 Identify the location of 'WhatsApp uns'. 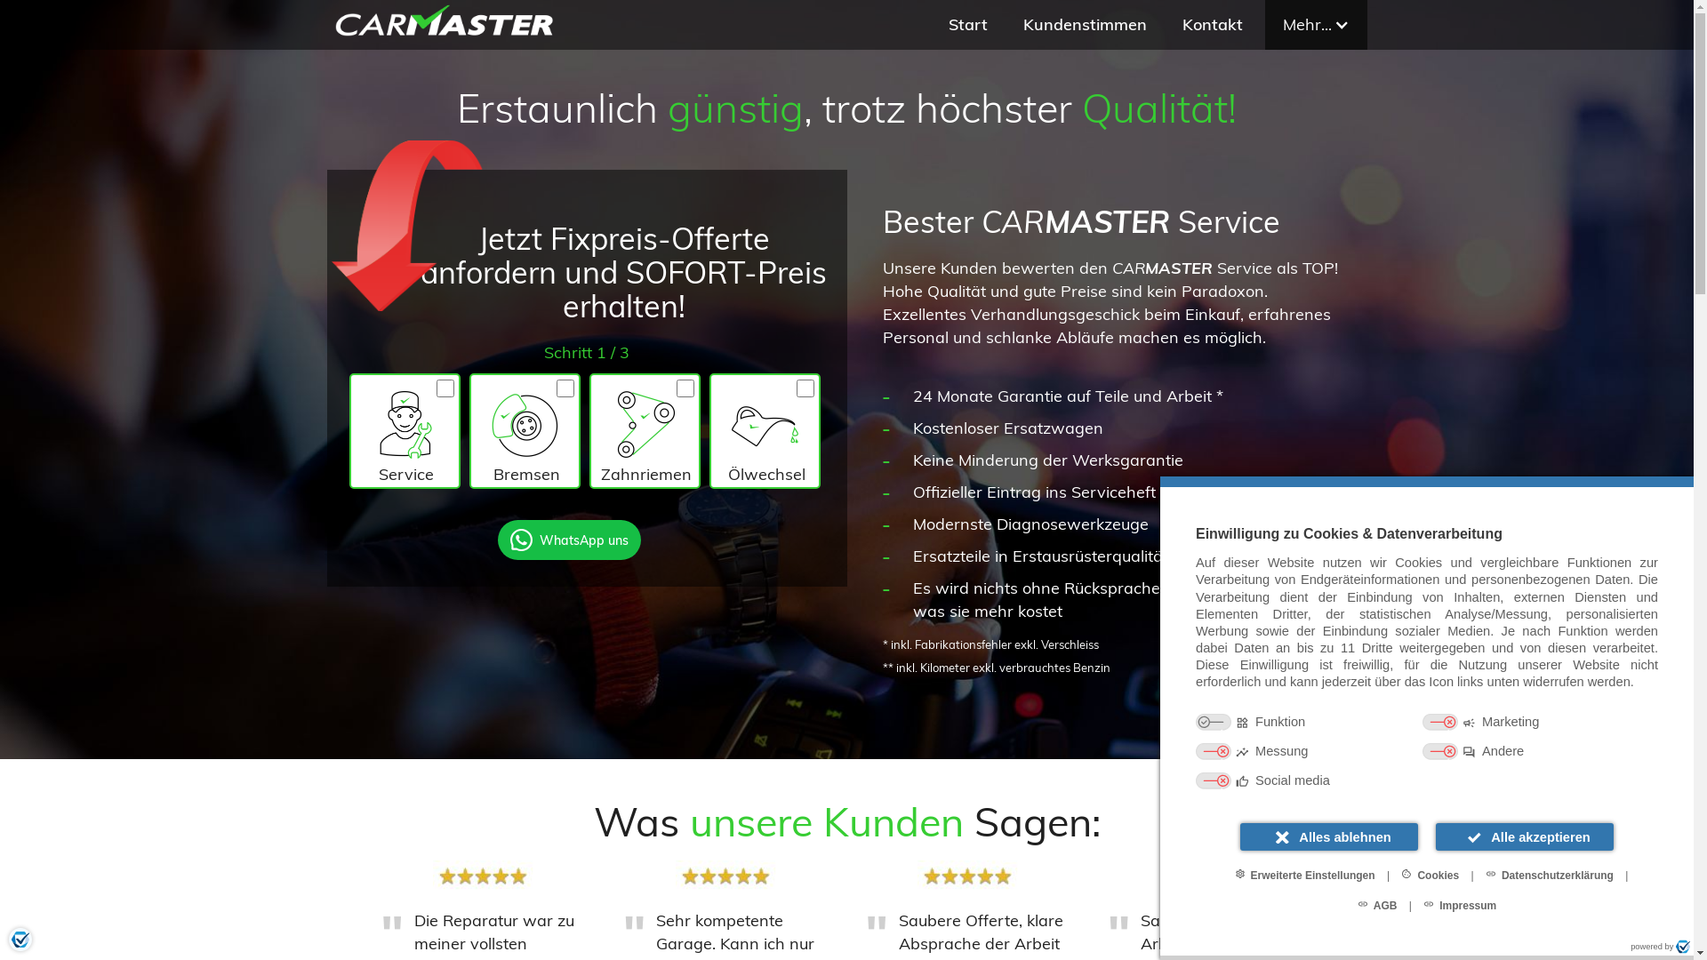
(569, 544).